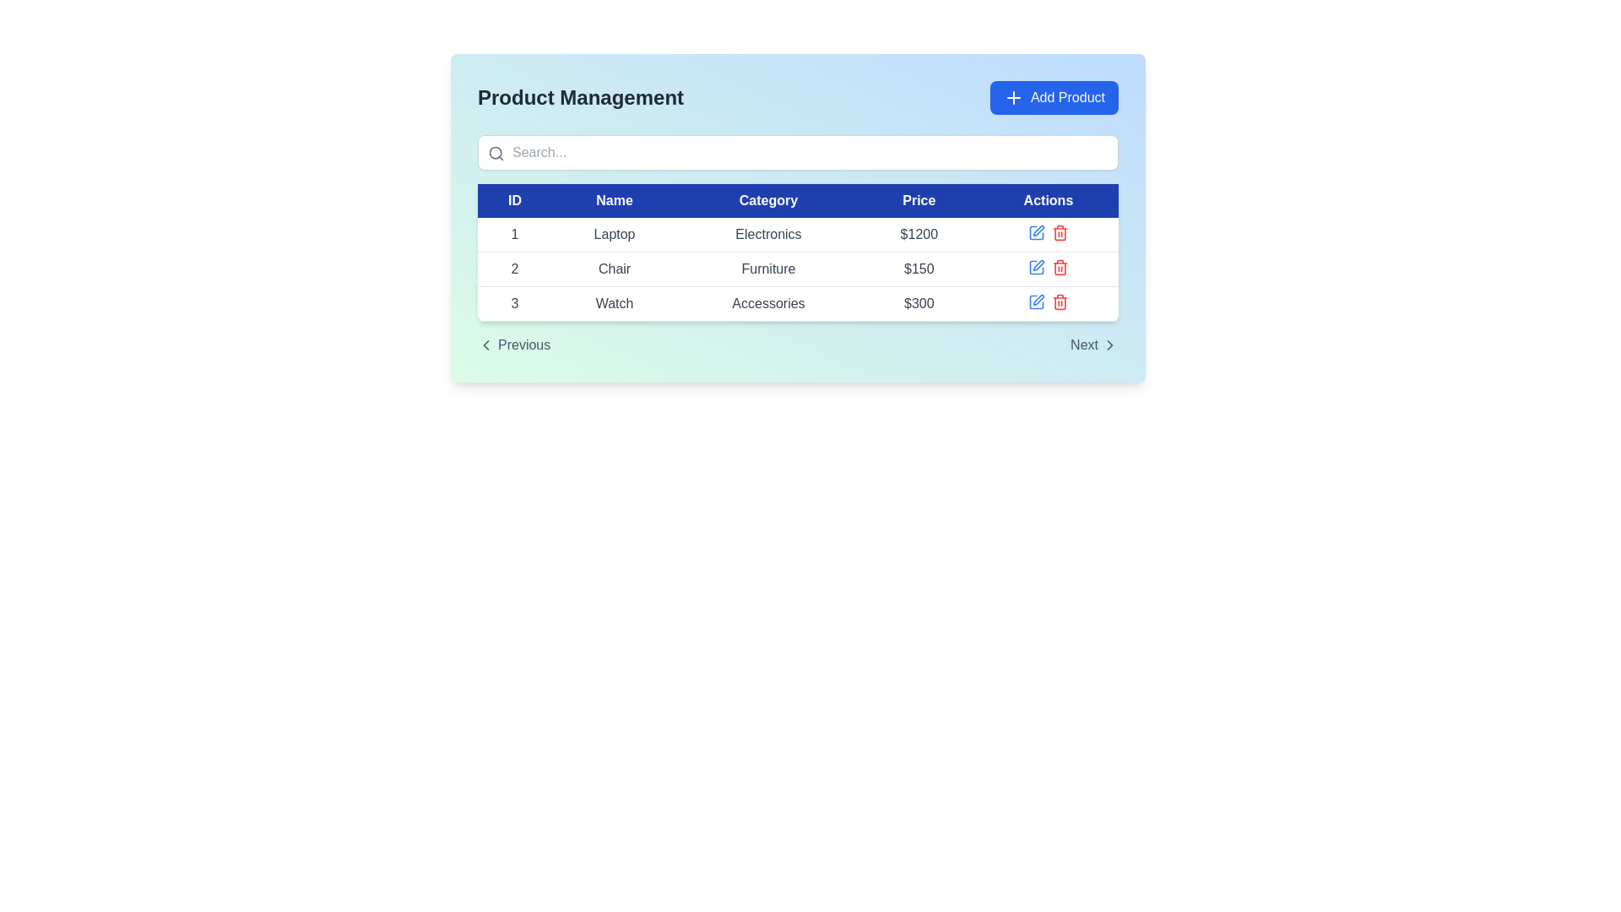  What do you see at coordinates (1059, 234) in the screenshot?
I see `the decorative vertical line of the trash icon located within the delete button in the 'Actions' column of the product management table for the third product, 'Watch.'` at bounding box center [1059, 234].